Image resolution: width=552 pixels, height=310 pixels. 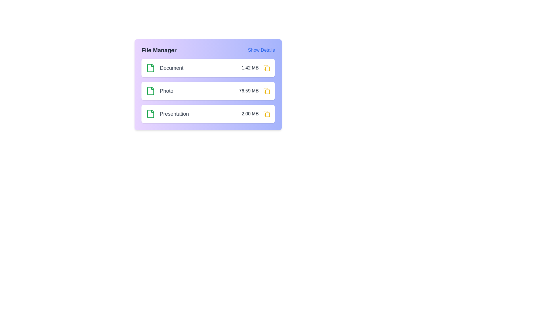 I want to click on the 'Presentation' file icon located in the third row of the 'File Manager' section, so click(x=150, y=114).